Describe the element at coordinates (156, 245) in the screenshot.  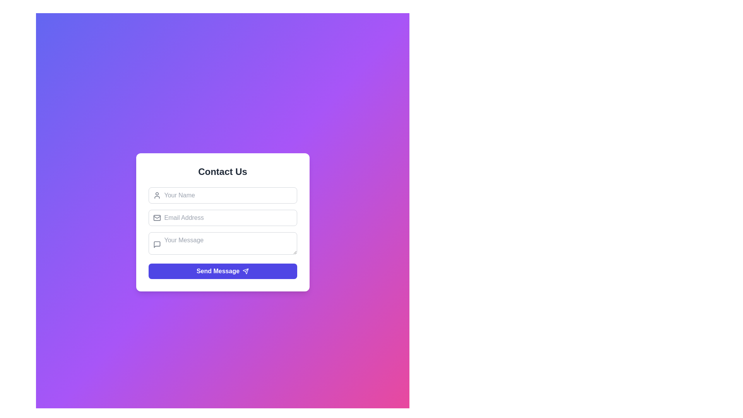
I see `the small speech-bubble icon located to the left of the 'Your Message' text input field in the contact form` at that location.